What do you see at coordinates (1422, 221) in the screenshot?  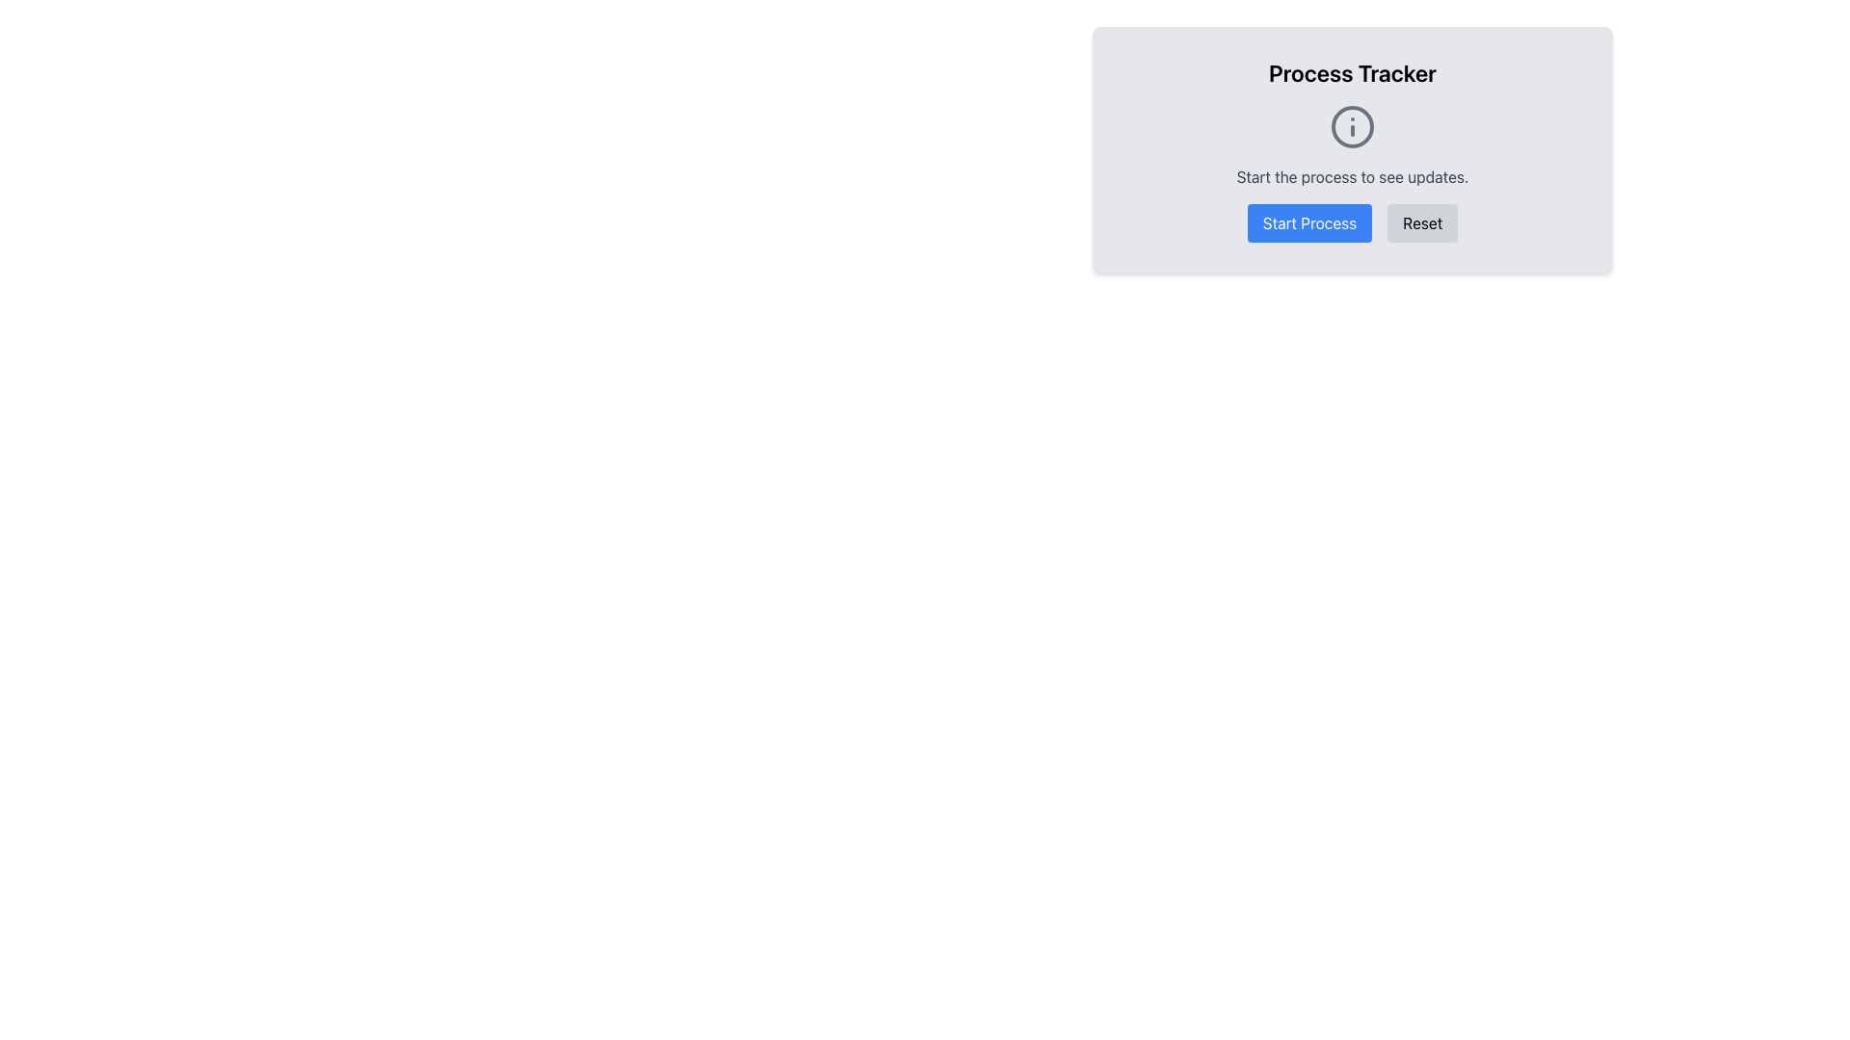 I see `'Reset' button, which is a rectangular button with rounded corners and text in black on a light gray background, located in the upper right of the 'Process Tracker' module` at bounding box center [1422, 221].